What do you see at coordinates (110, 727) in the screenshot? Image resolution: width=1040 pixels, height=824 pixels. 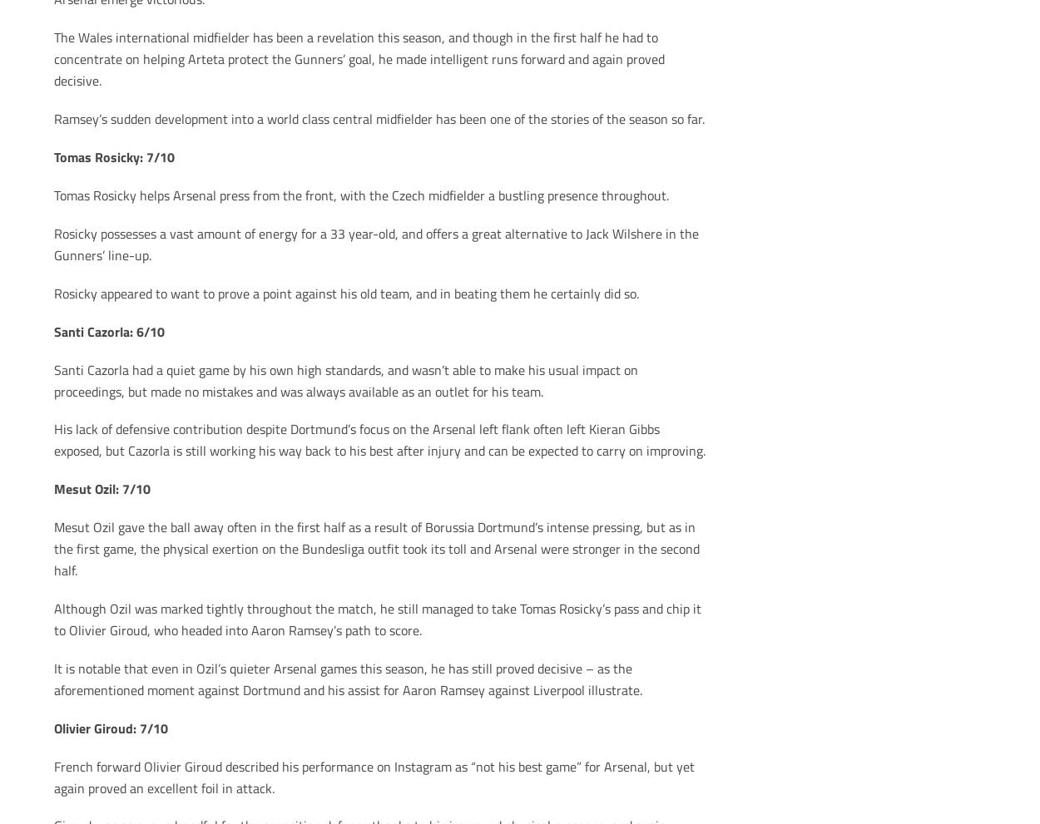 I see `'Olivier Giroud: 7/10'` at bounding box center [110, 727].